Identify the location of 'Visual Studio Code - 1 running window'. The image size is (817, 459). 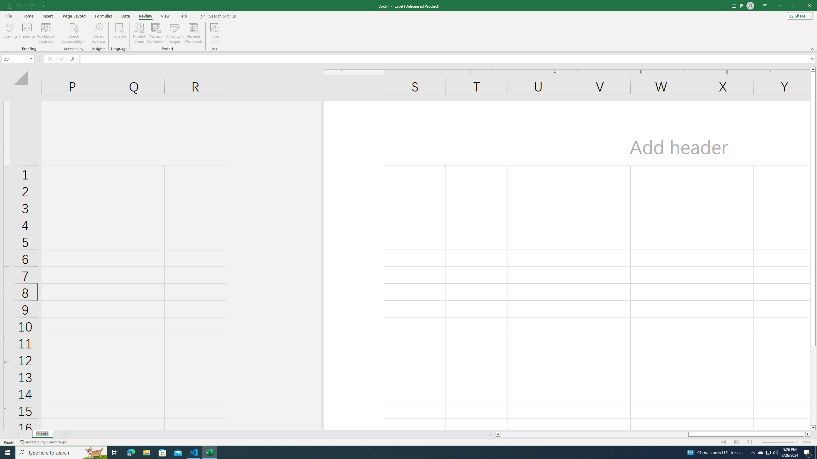
(194, 452).